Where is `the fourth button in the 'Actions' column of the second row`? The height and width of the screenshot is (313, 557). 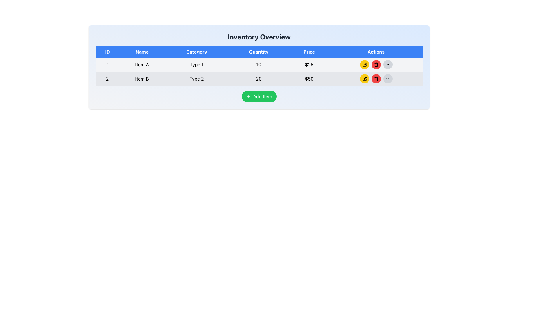 the fourth button in the 'Actions' column of the second row is located at coordinates (387, 65).